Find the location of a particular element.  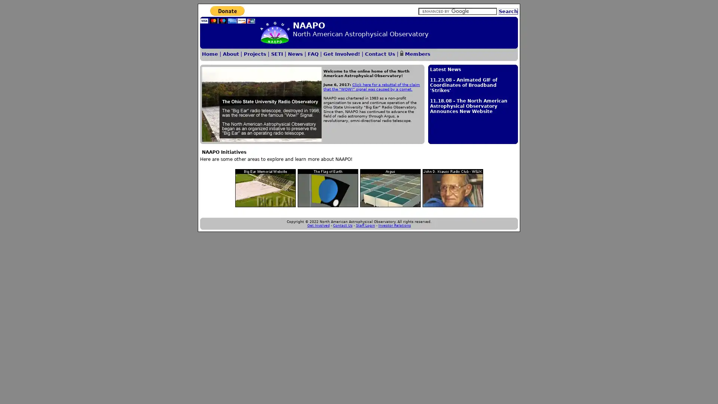

PayPal - The safer, easier way to pay online! is located at coordinates (227, 15).